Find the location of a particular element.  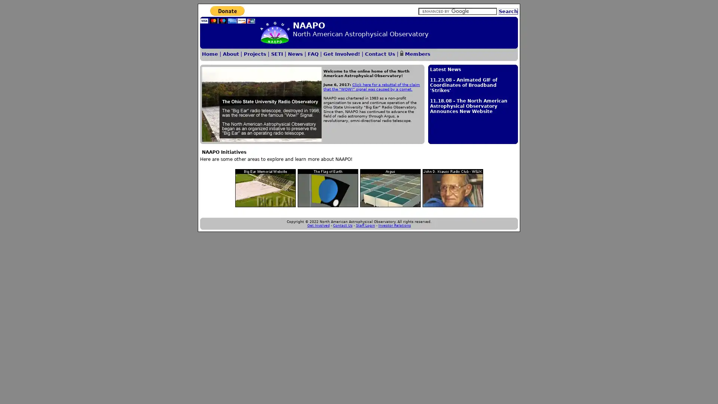

PayPal - The safer, easier way to pay online! is located at coordinates (227, 15).